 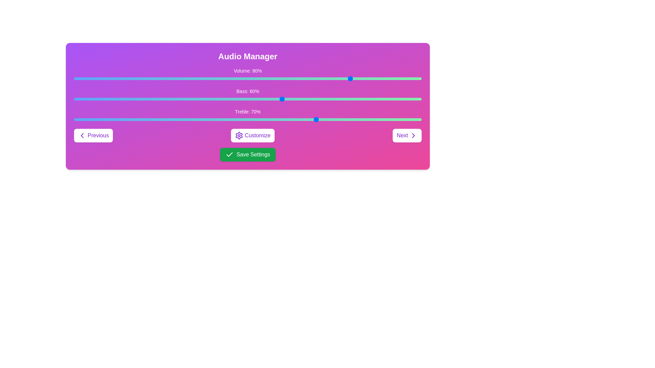 I want to click on the 'Next' button located at the bottom-right corner of the interface to proceed to the next step in the navigation flow, so click(x=413, y=135).